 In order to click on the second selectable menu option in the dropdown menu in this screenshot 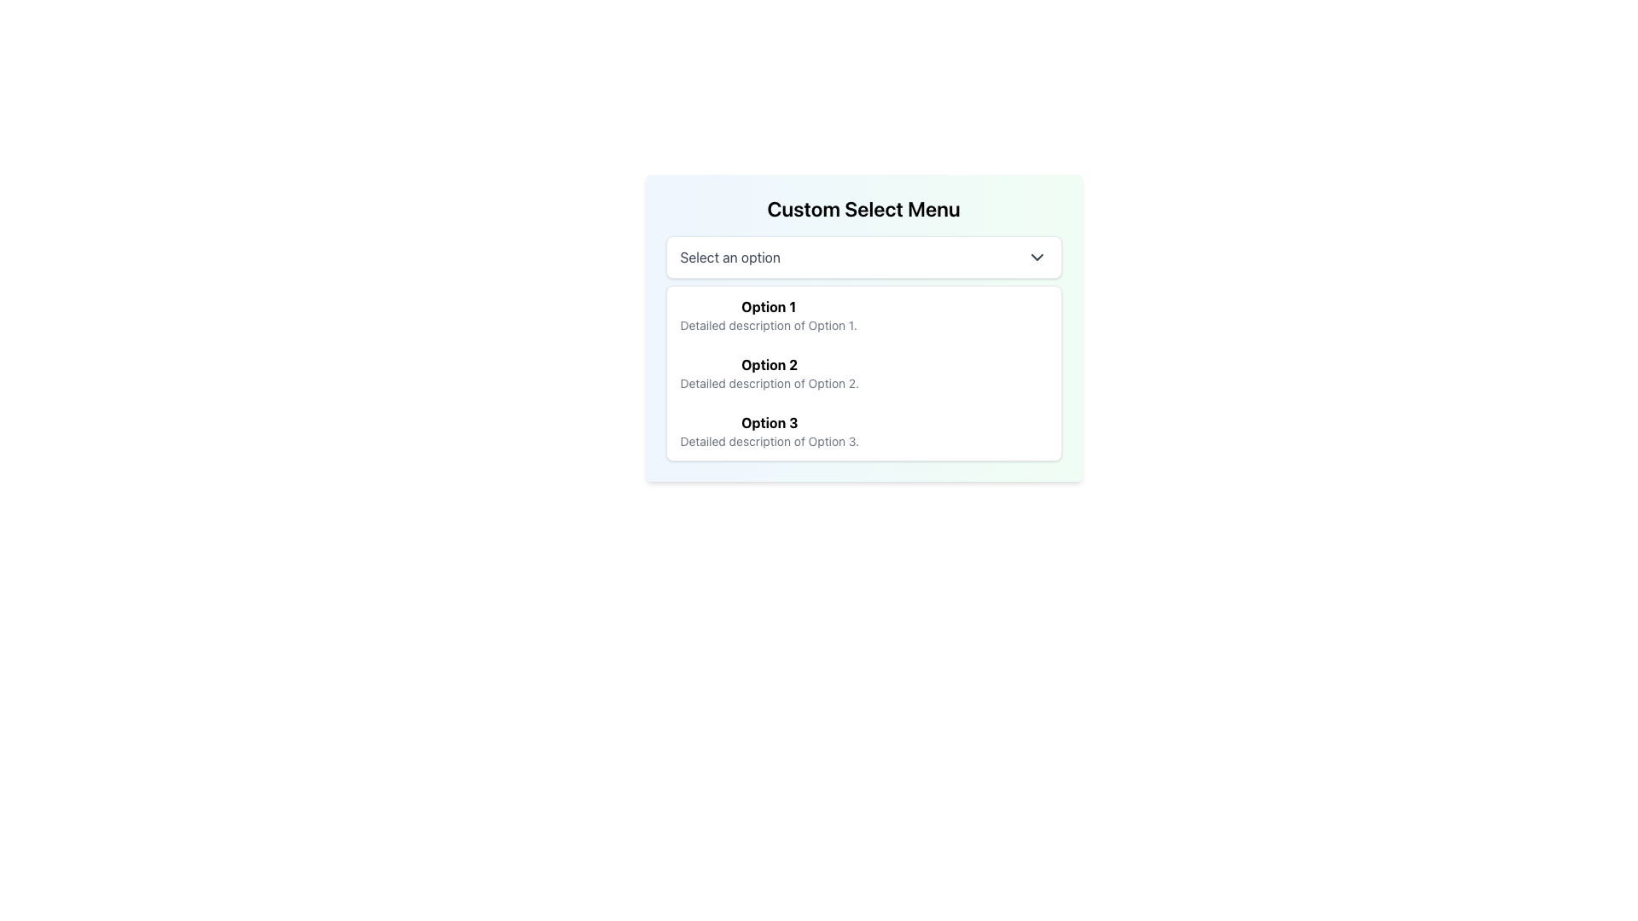, I will do `click(863, 373)`.